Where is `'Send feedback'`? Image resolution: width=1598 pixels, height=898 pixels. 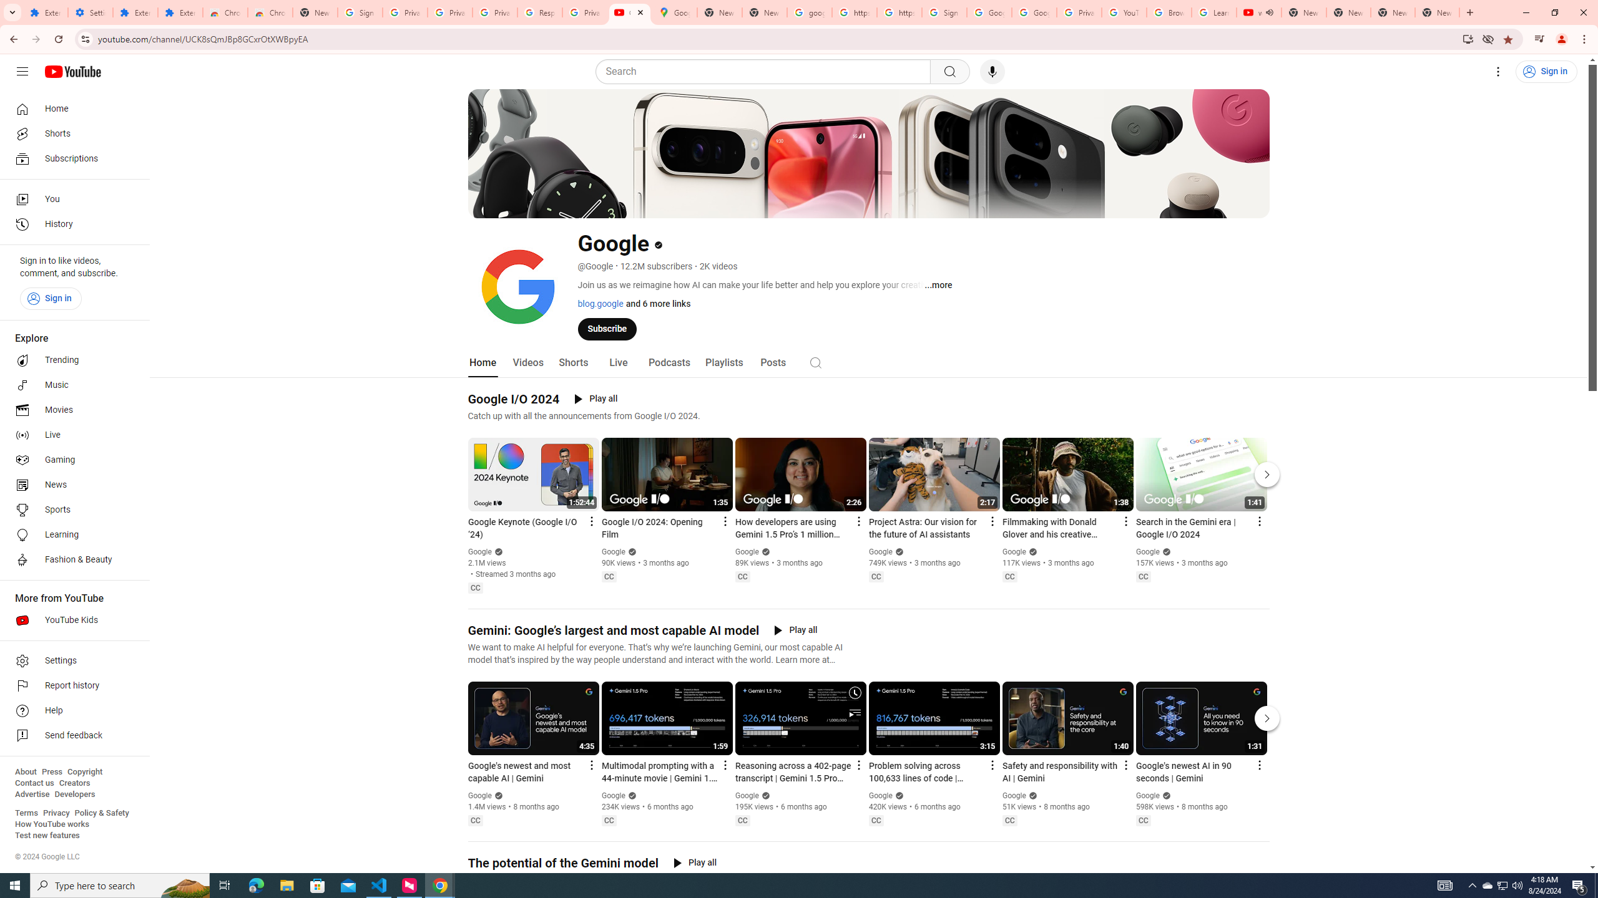 'Send feedback' is located at coordinates (71, 735).